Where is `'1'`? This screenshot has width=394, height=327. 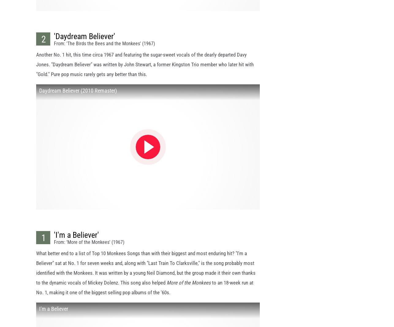 '1' is located at coordinates (41, 243).